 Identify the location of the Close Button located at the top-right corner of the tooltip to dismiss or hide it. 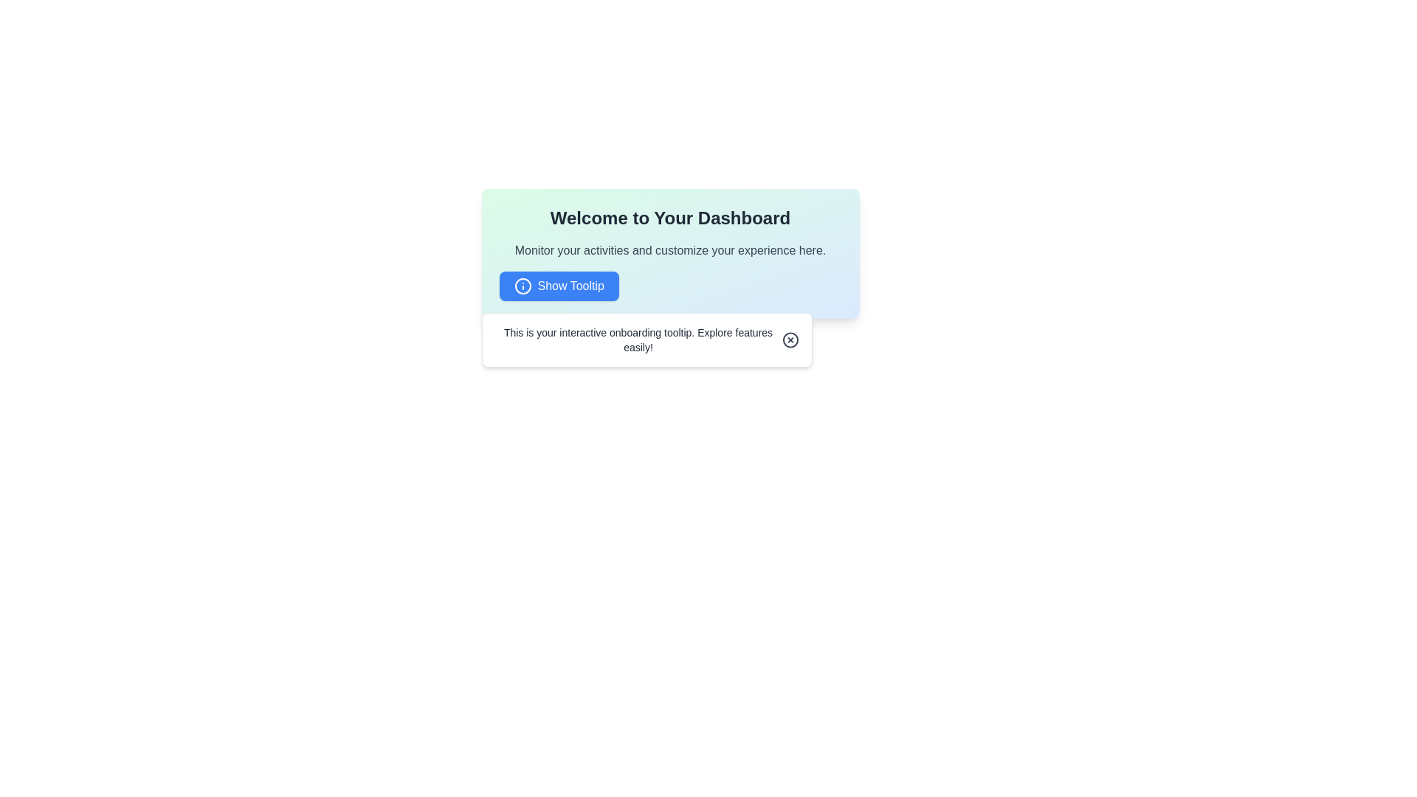
(790, 340).